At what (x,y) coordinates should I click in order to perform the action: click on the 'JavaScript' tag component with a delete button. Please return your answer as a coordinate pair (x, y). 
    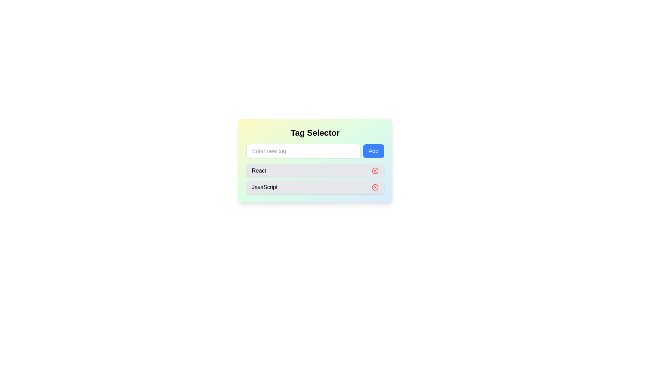
    Looking at the image, I should click on (315, 187).